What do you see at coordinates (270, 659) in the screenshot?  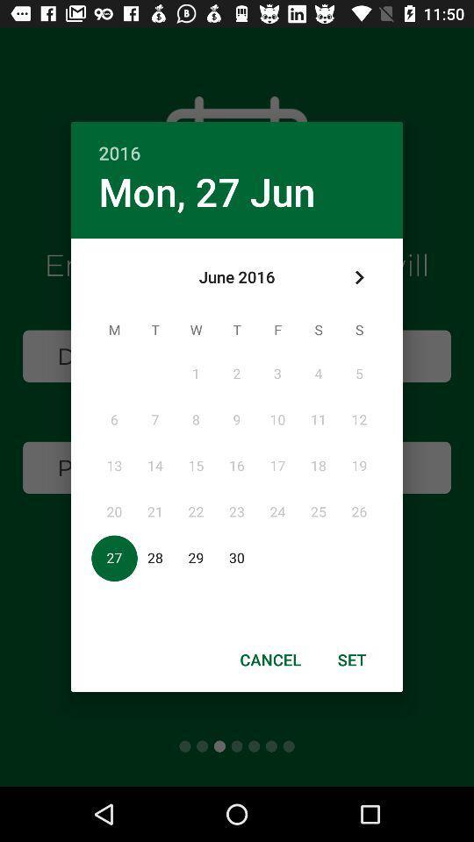 I see `the icon to the left of set item` at bounding box center [270, 659].